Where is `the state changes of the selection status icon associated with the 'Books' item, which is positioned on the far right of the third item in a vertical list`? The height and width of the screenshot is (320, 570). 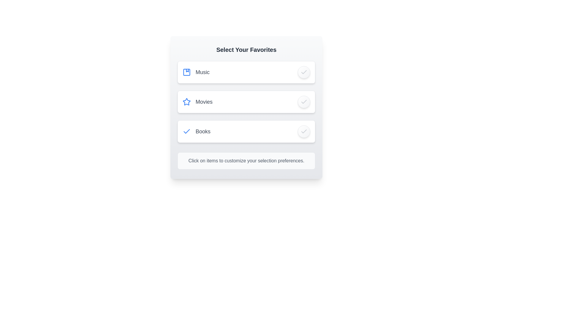
the state changes of the selection status icon associated with the 'Books' item, which is positioned on the far right of the third item in a vertical list is located at coordinates (304, 131).